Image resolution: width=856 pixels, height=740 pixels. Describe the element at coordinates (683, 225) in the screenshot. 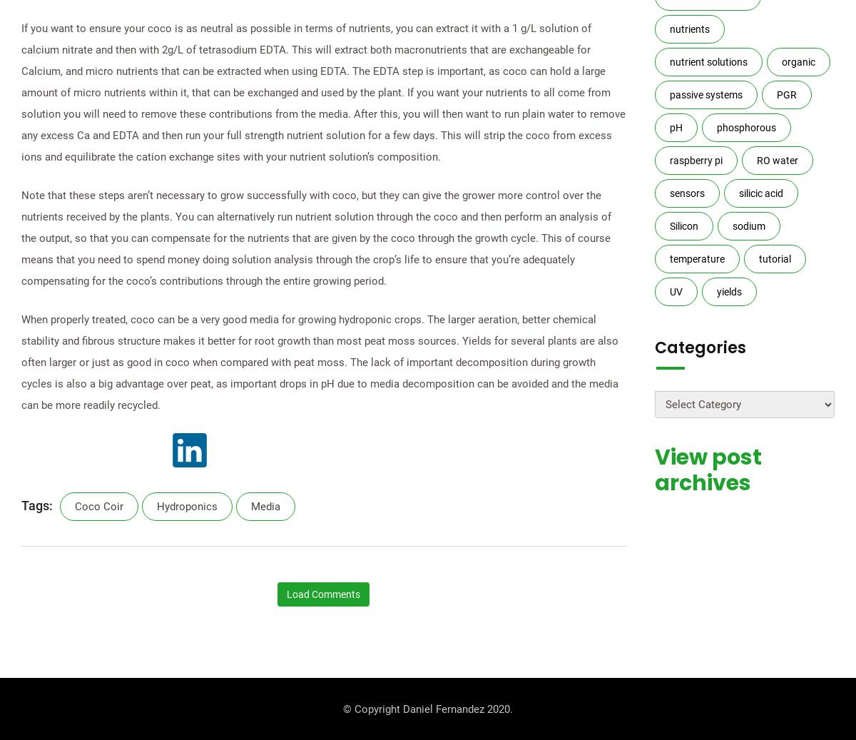

I see `'Silicon'` at that location.